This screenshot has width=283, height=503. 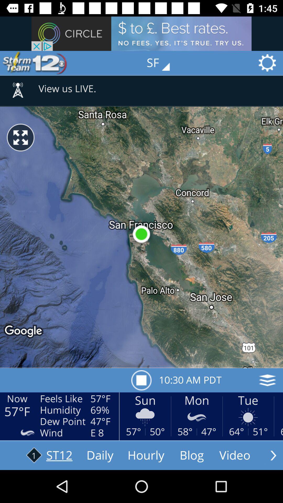 I want to click on the text which is to the first left of settings symbol, so click(x=162, y=63).